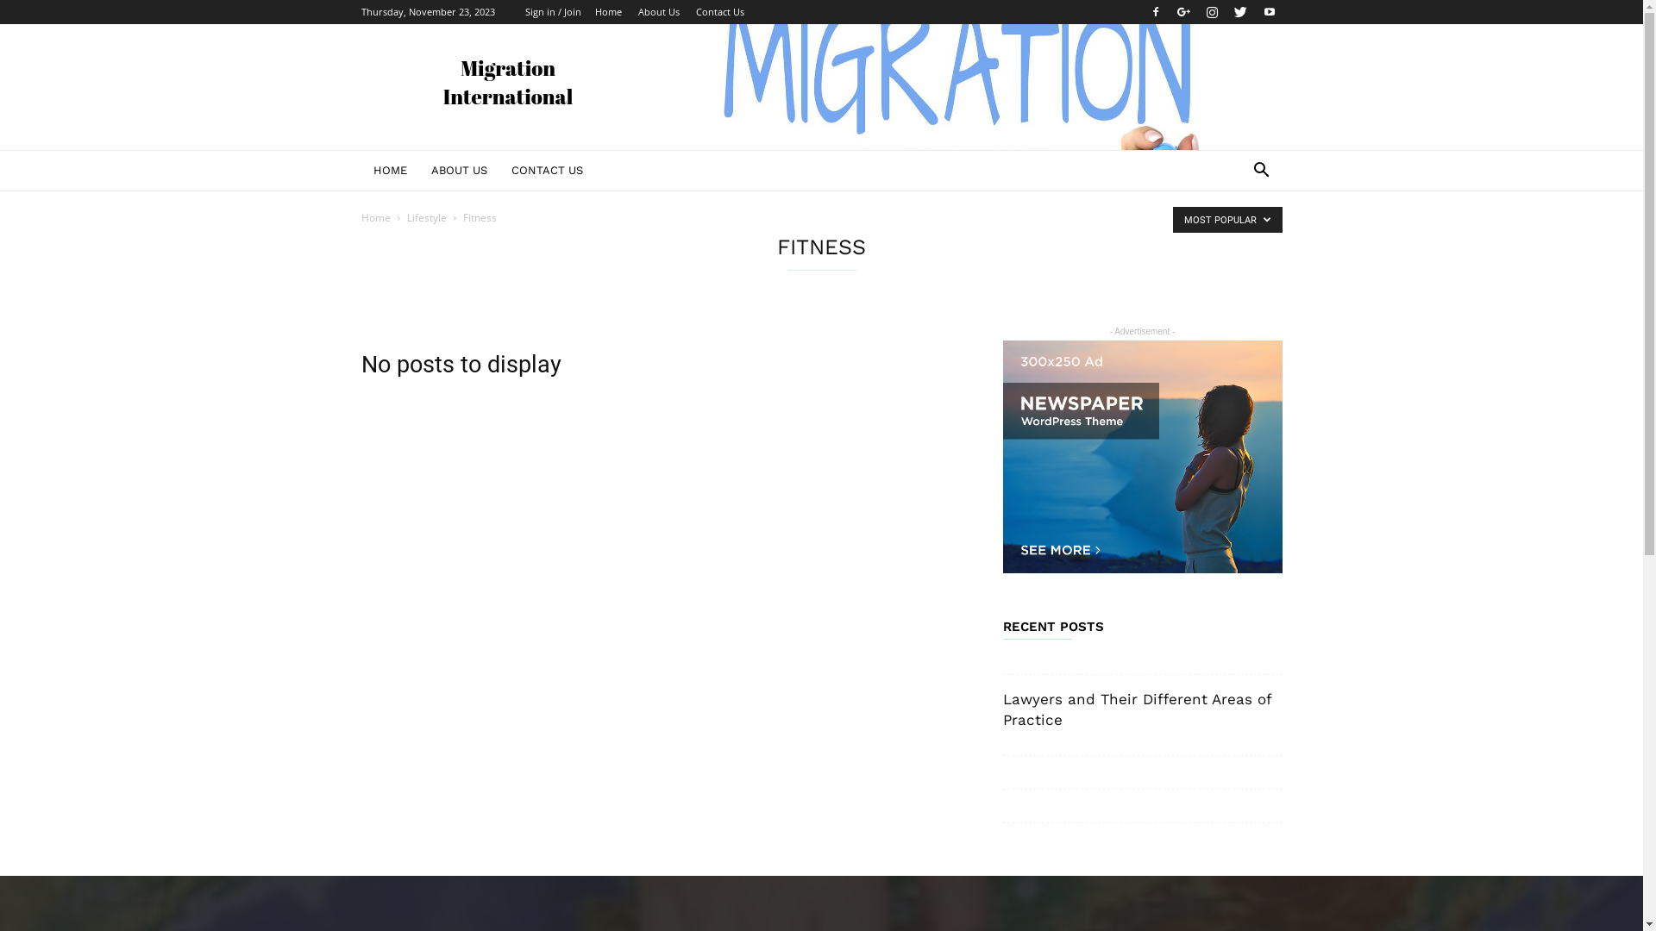 The image size is (1656, 931). What do you see at coordinates (374, 216) in the screenshot?
I see `'Home'` at bounding box center [374, 216].